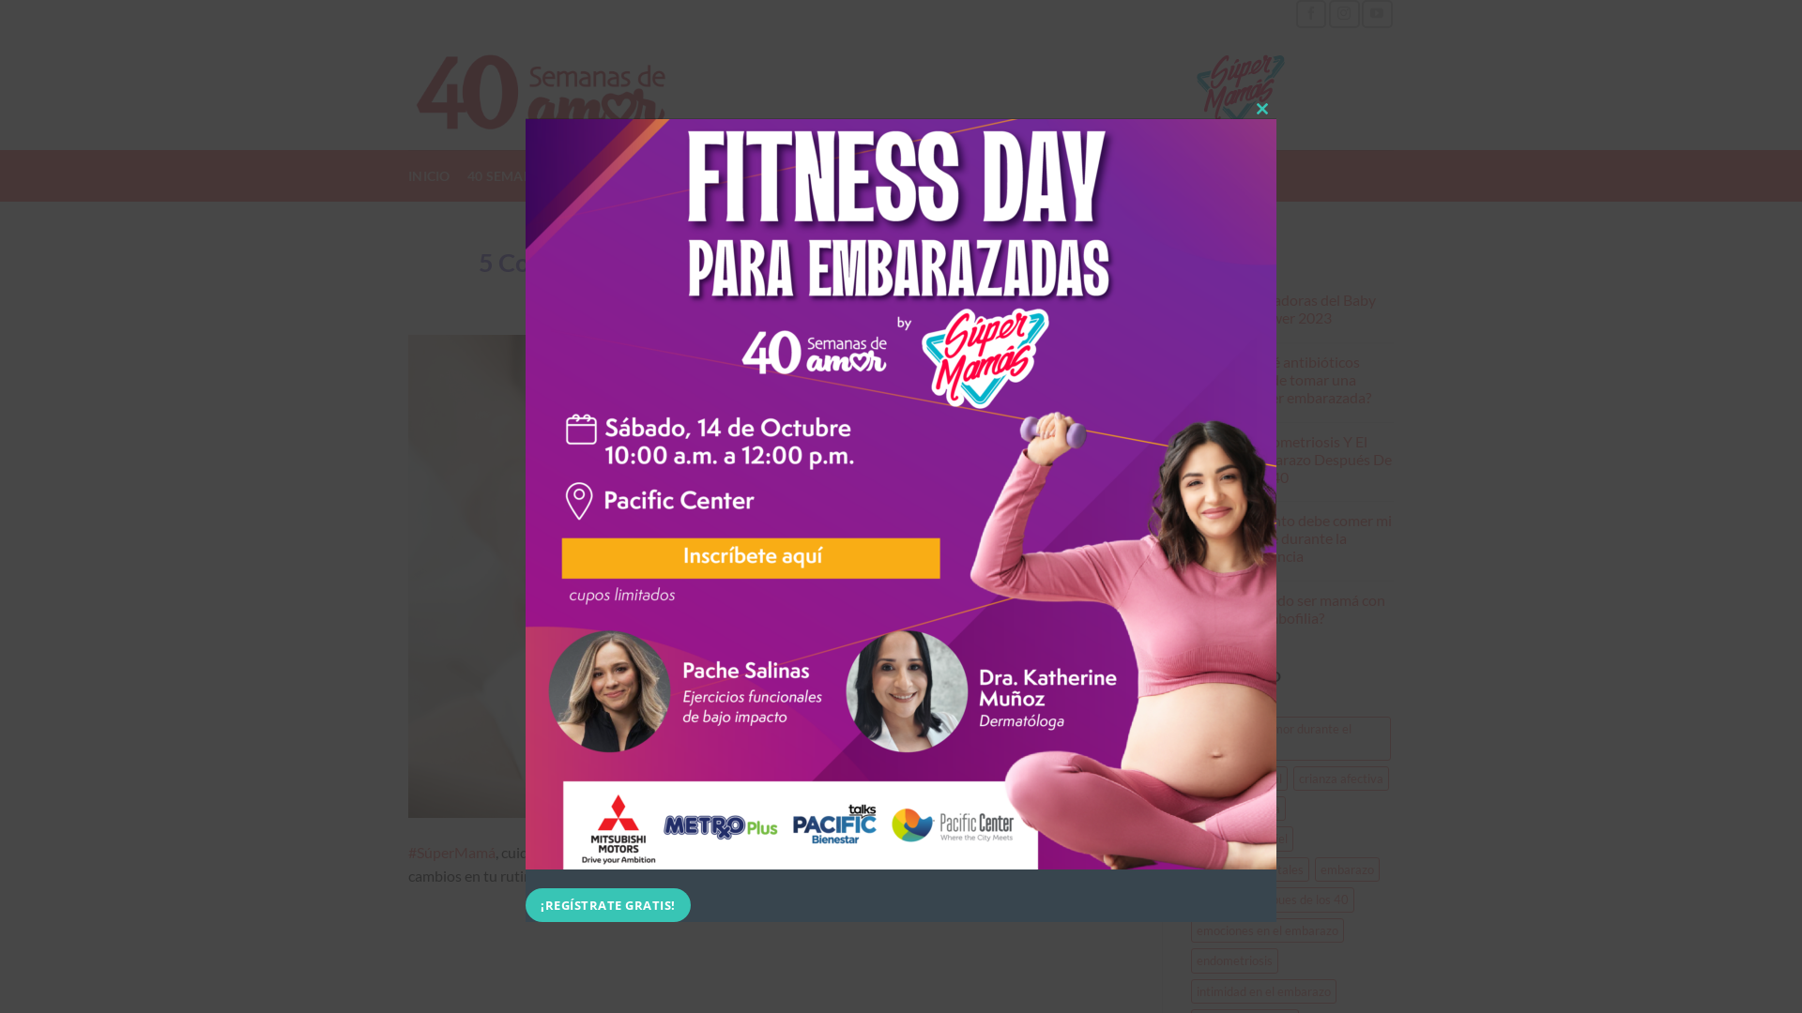  What do you see at coordinates (1247, 109) in the screenshot?
I see `'CLOSE THIS MODULE'` at bounding box center [1247, 109].